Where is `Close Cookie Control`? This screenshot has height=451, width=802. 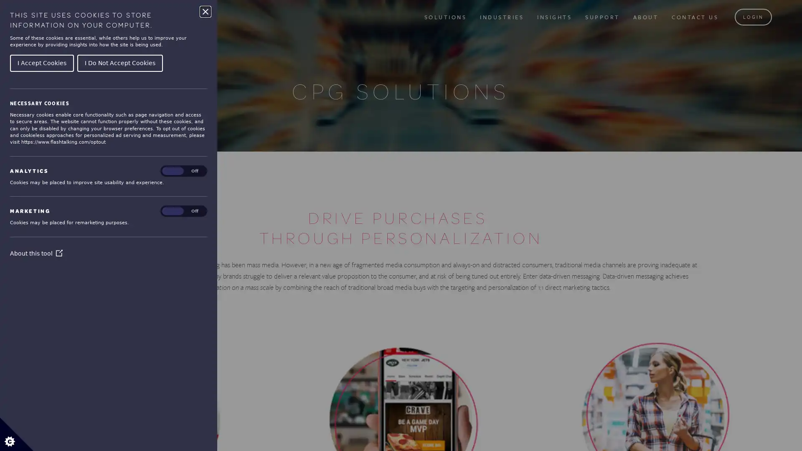
Close Cookie Control is located at coordinates (205, 11).